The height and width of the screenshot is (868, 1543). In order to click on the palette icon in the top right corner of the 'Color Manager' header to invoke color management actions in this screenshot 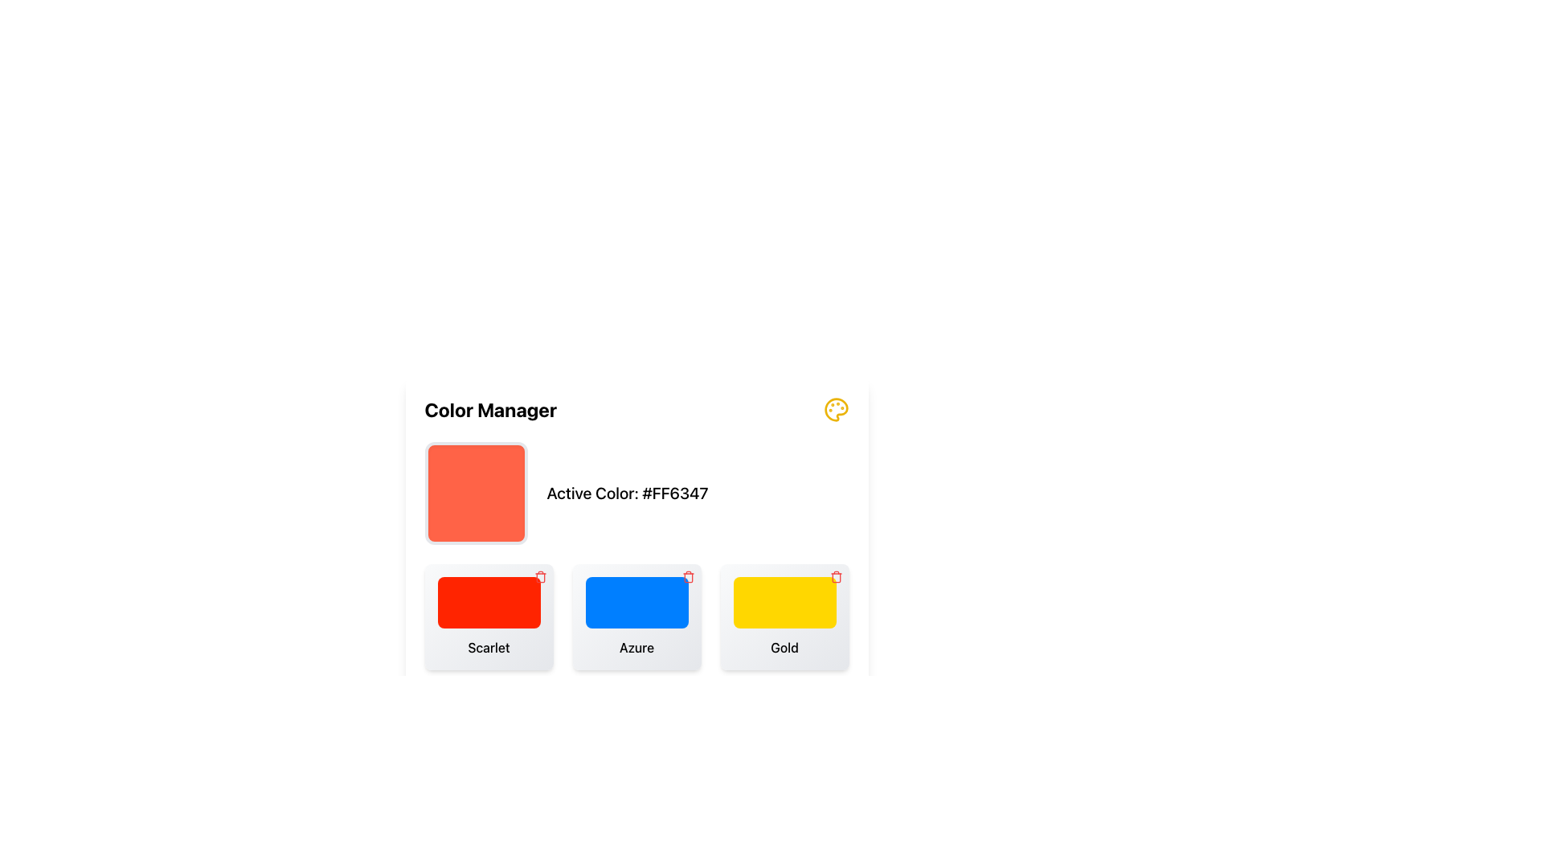, I will do `click(836, 408)`.